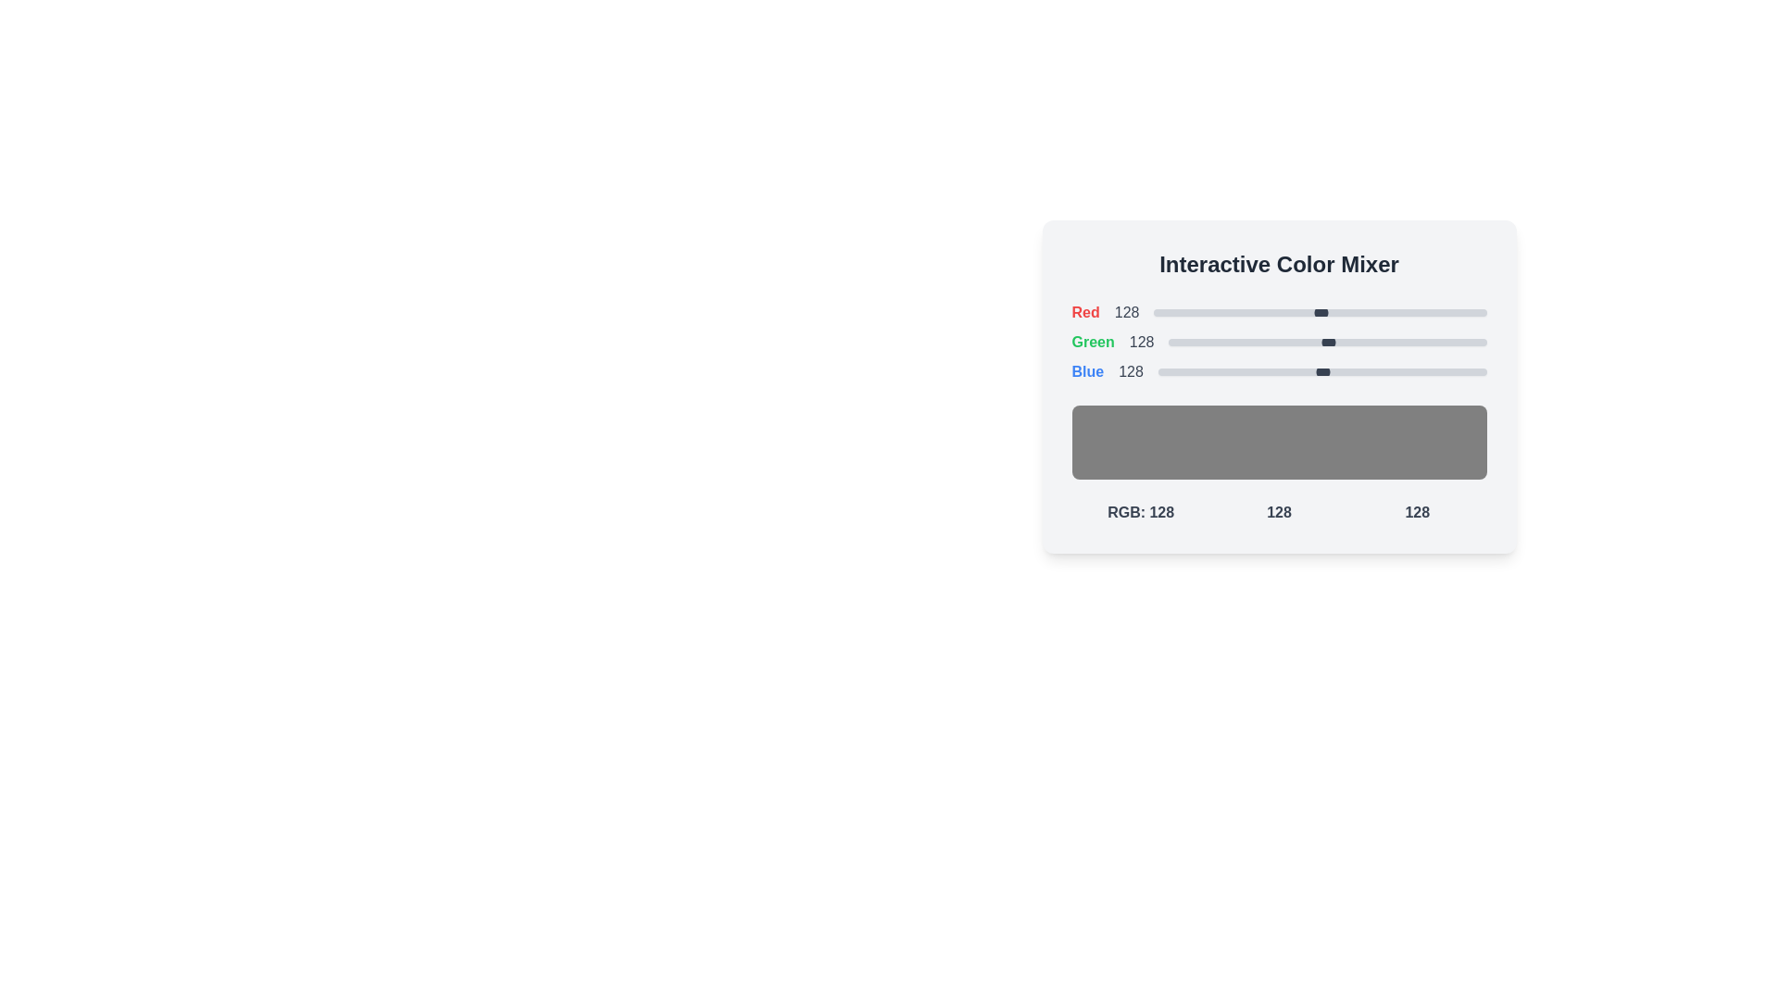 This screenshot has width=1778, height=1000. I want to click on the Blue component, so click(1180, 371).